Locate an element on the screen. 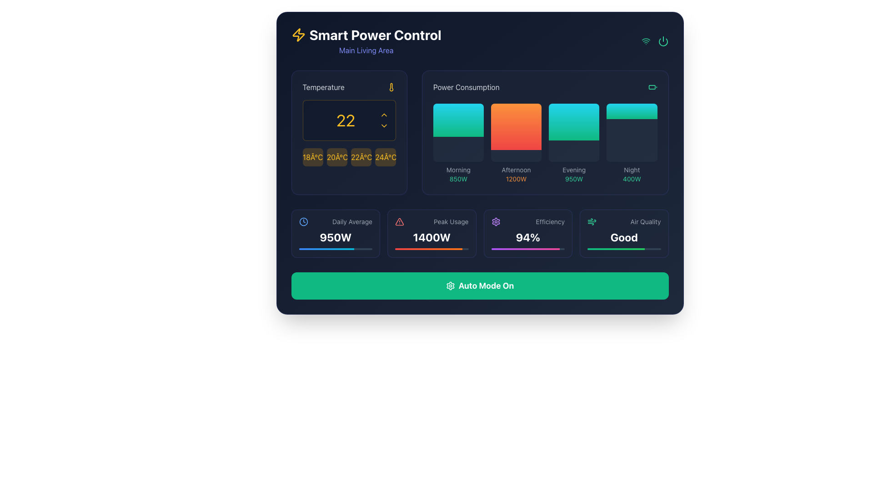  the battery or power icon located at the far right side of the 'Power Consumption' section, adjacent to the 'Power Consumption' title is located at coordinates (652, 87).